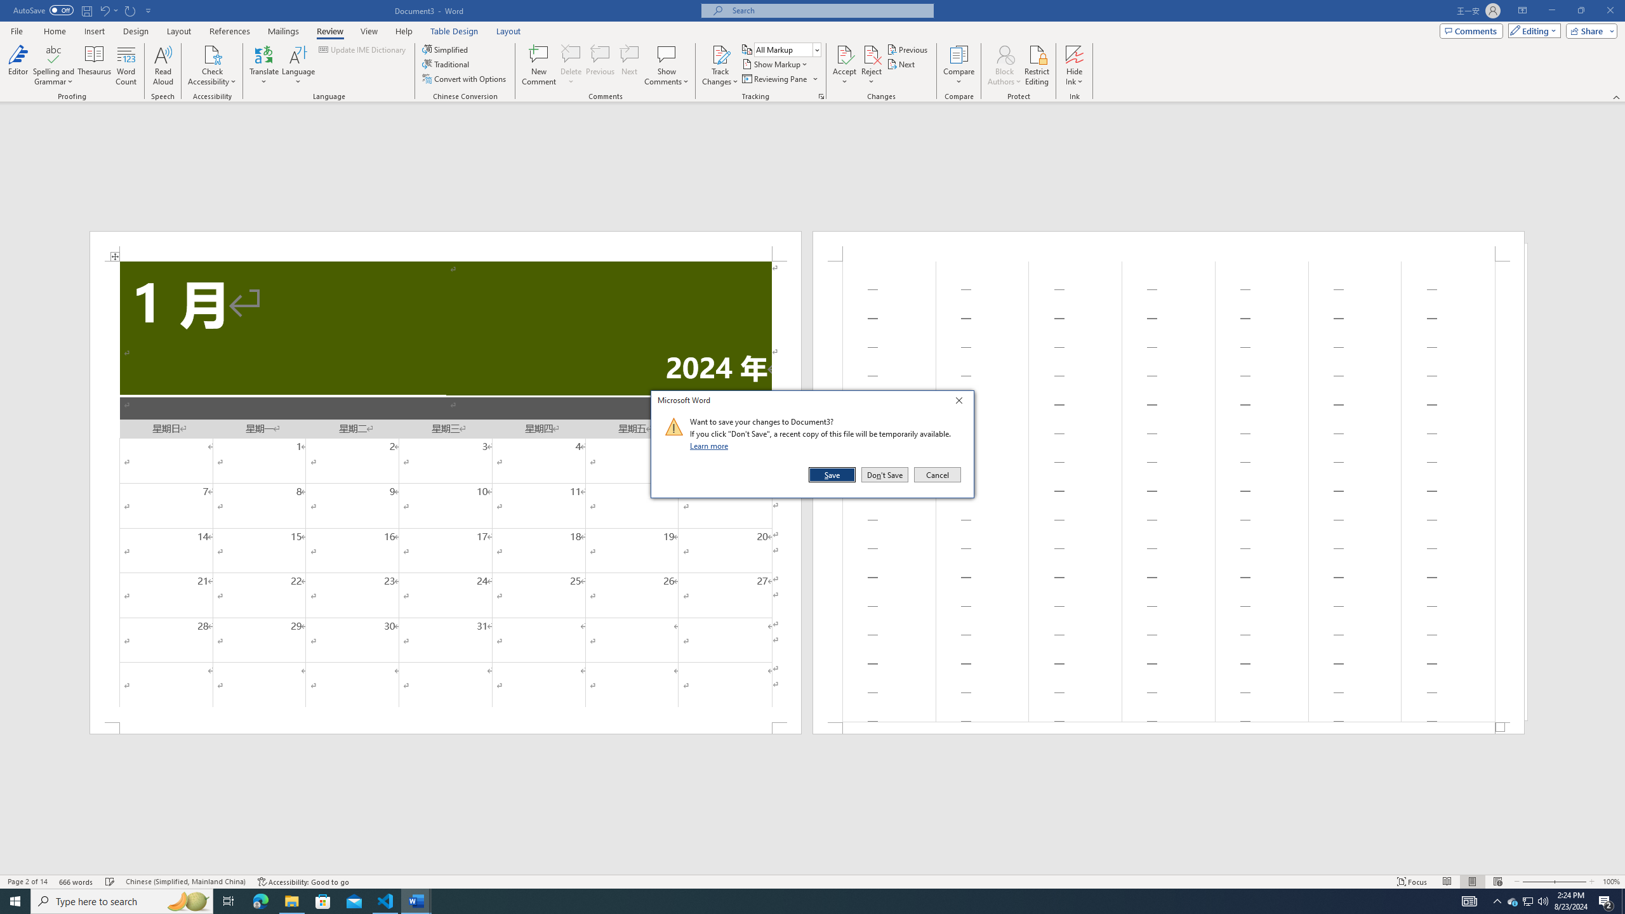 The width and height of the screenshot is (1625, 914). What do you see at coordinates (323, 900) in the screenshot?
I see `'Microsoft Store'` at bounding box center [323, 900].